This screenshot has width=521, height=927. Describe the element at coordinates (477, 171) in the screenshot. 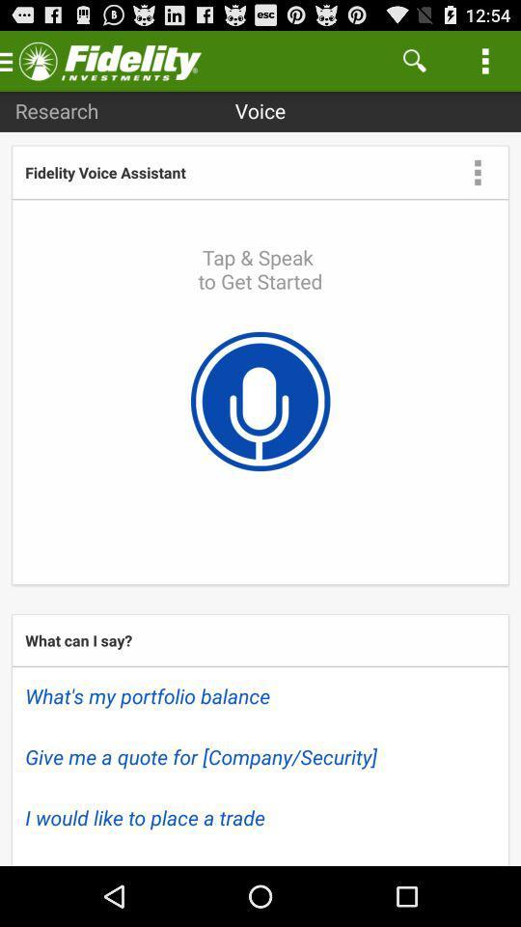

I see `open drop down menu` at that location.